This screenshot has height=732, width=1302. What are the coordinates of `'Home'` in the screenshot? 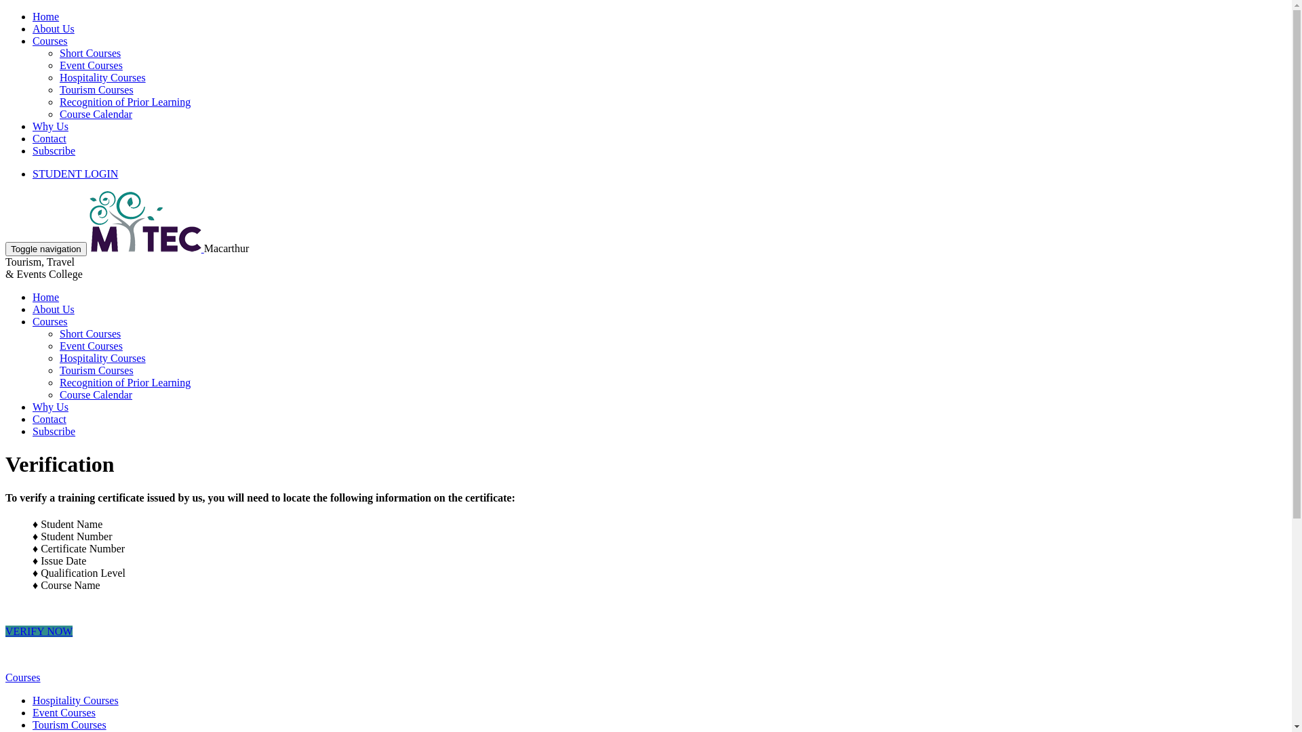 It's located at (33, 16).